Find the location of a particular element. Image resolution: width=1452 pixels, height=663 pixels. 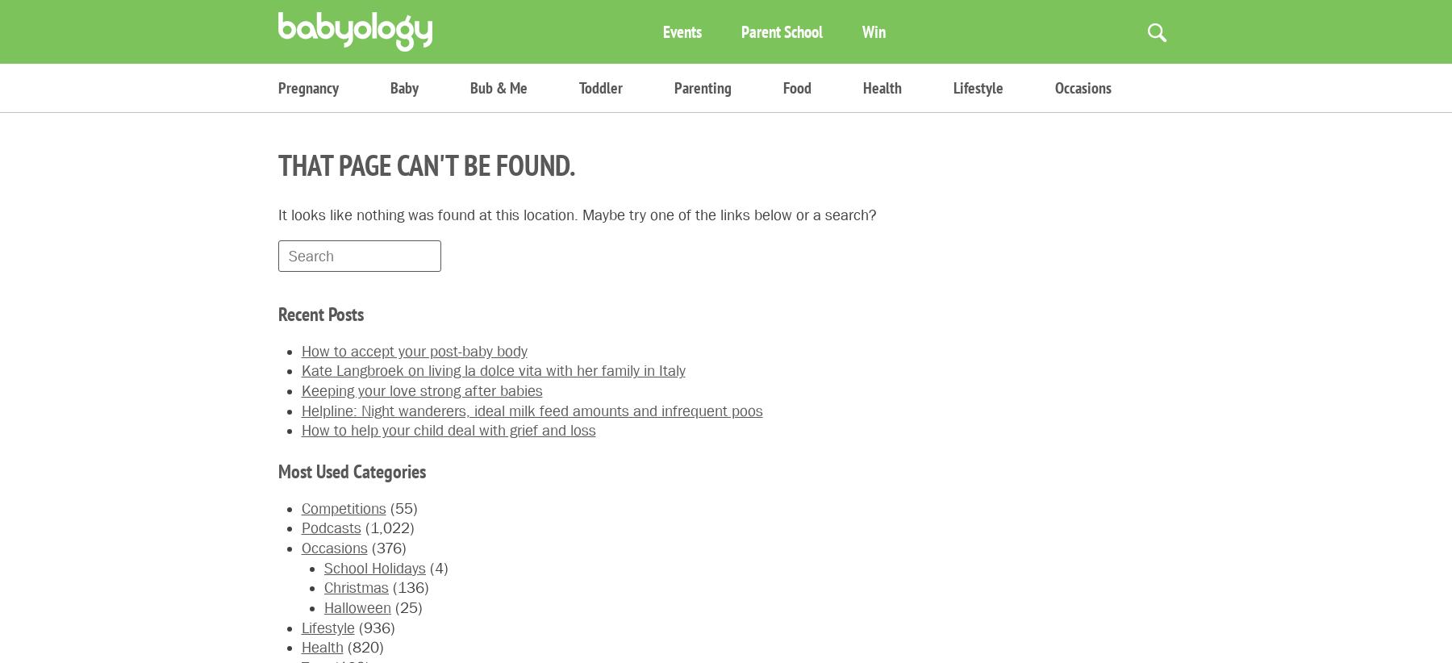

'Parenting' is located at coordinates (703, 86).